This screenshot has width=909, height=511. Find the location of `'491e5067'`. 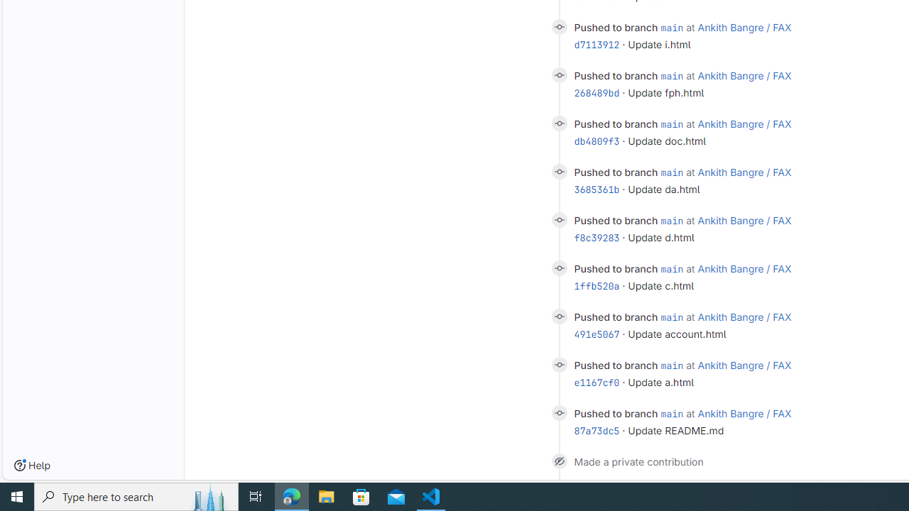

'491e5067' is located at coordinates (597, 334).